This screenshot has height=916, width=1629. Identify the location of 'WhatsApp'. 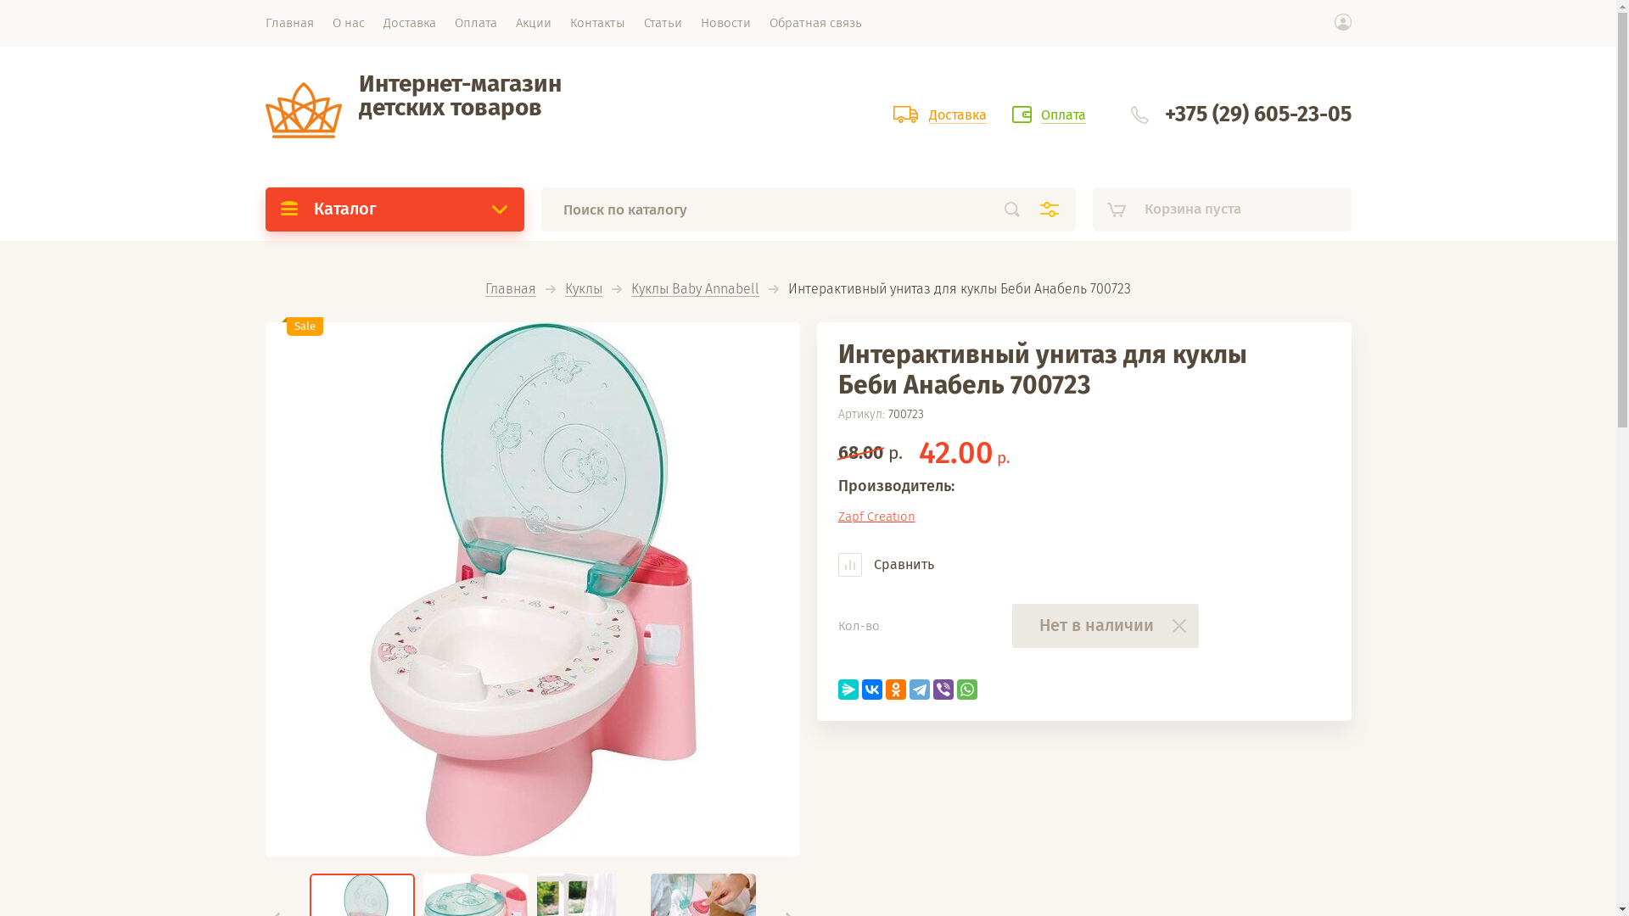
(957, 690).